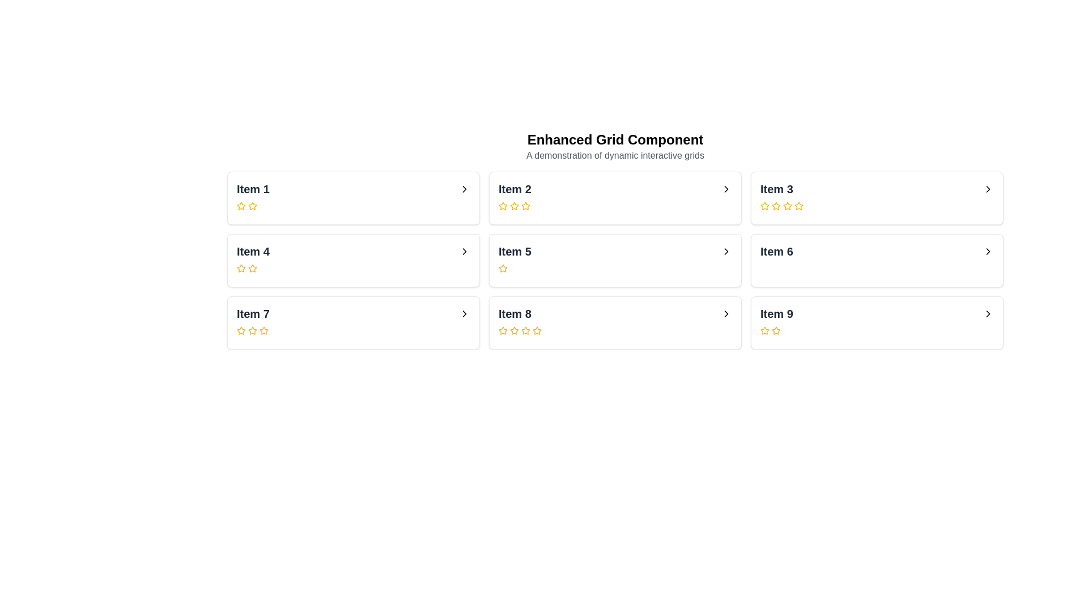 Image resolution: width=1088 pixels, height=612 pixels. What do you see at coordinates (252, 330) in the screenshot?
I see `the third star icon in the rating system under the 'Item 7' card` at bounding box center [252, 330].